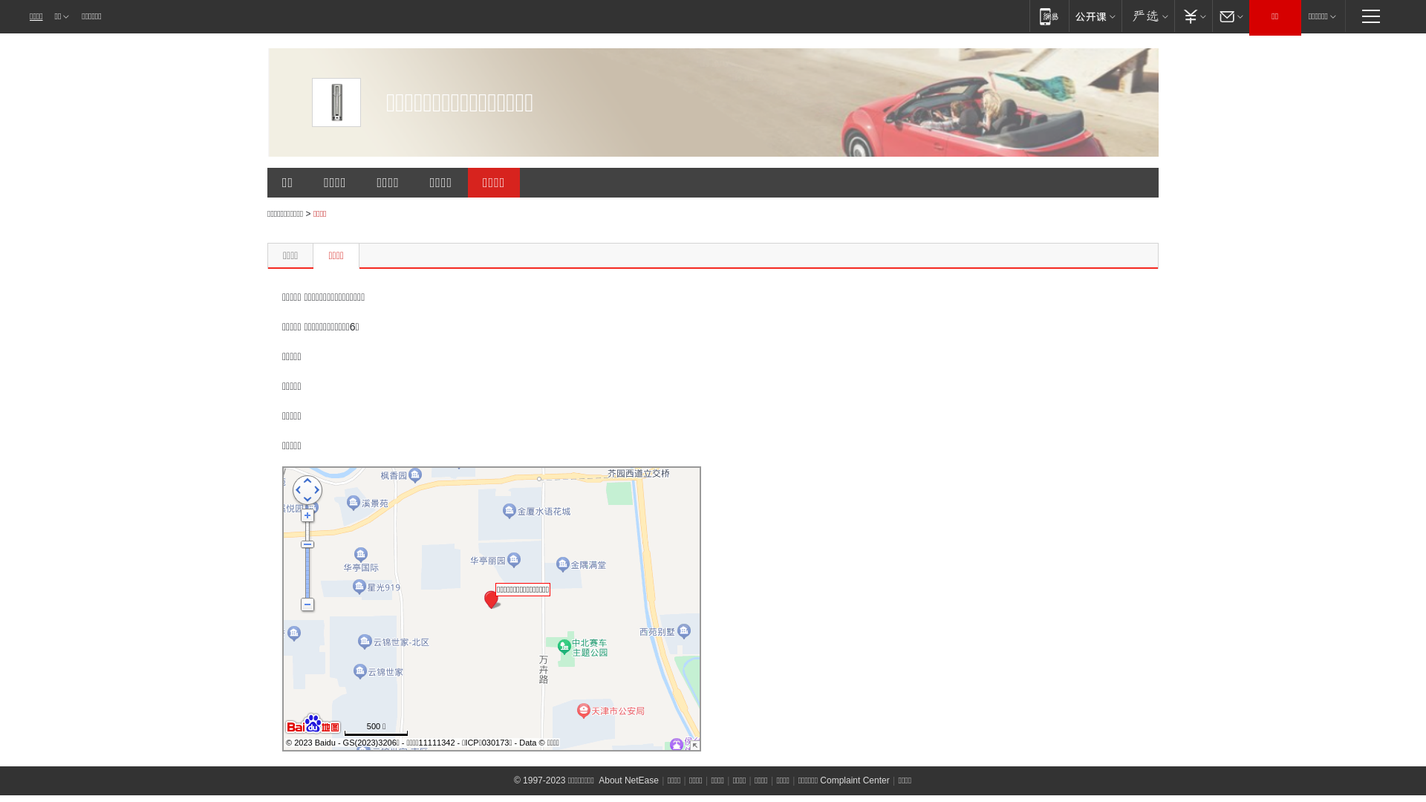 The image size is (1426, 802). I want to click on 'About NetEase', so click(628, 779).